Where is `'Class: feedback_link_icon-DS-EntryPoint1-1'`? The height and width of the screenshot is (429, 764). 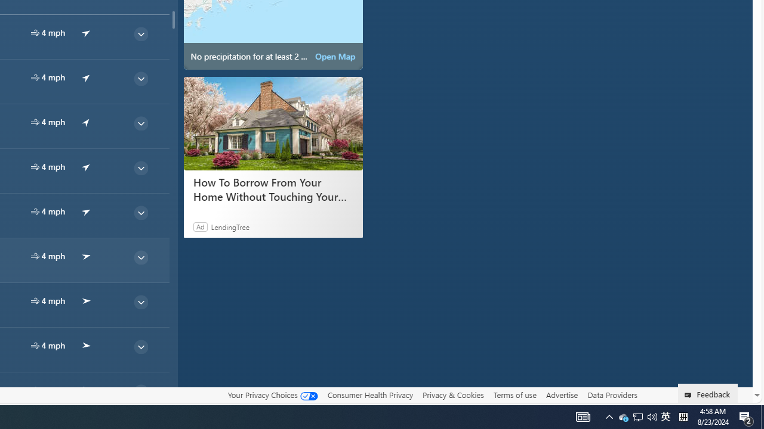
'Class: feedback_link_icon-DS-EntryPoint1-1' is located at coordinates (690, 395).